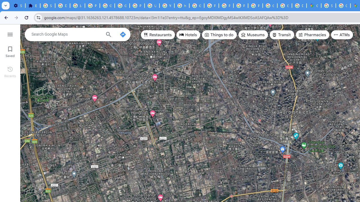 The image size is (360, 202). What do you see at coordinates (182, 6) in the screenshot?
I see `'https://scholar.google.com/'` at bounding box center [182, 6].